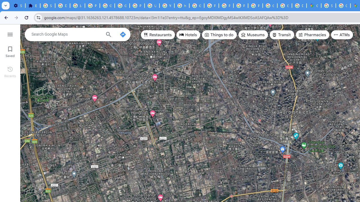 The image size is (360, 202). What do you see at coordinates (182, 6) in the screenshot?
I see `'https://scholar.google.com/'` at bounding box center [182, 6].